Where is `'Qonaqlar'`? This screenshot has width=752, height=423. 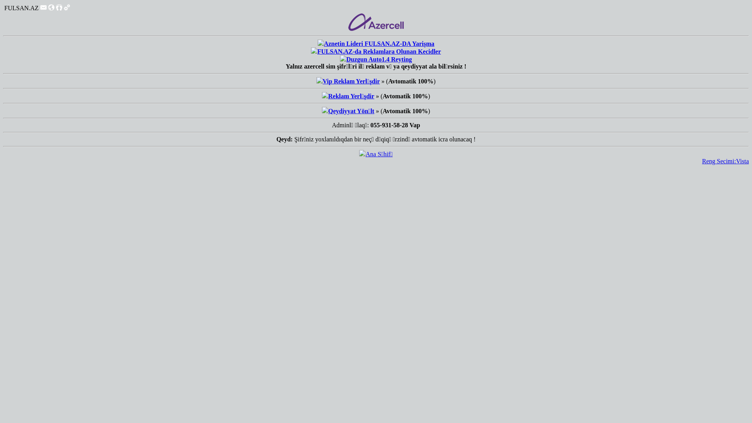
'Qonaqlar' is located at coordinates (58, 7).